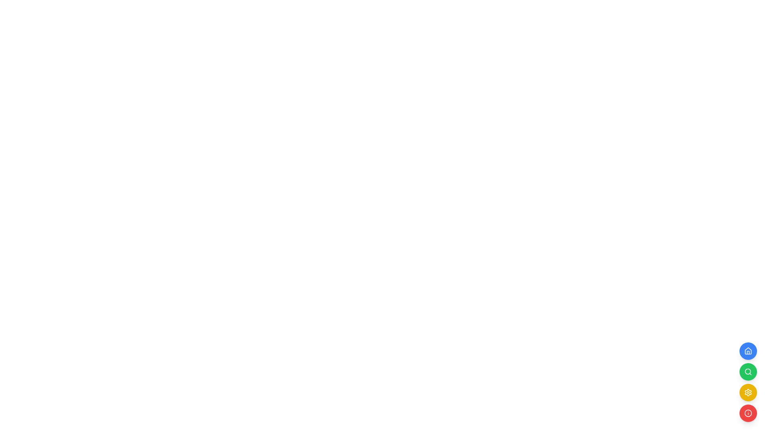 This screenshot has width=765, height=430. Describe the element at coordinates (747, 392) in the screenshot. I see `the gear-like representation of the settings icon` at that location.